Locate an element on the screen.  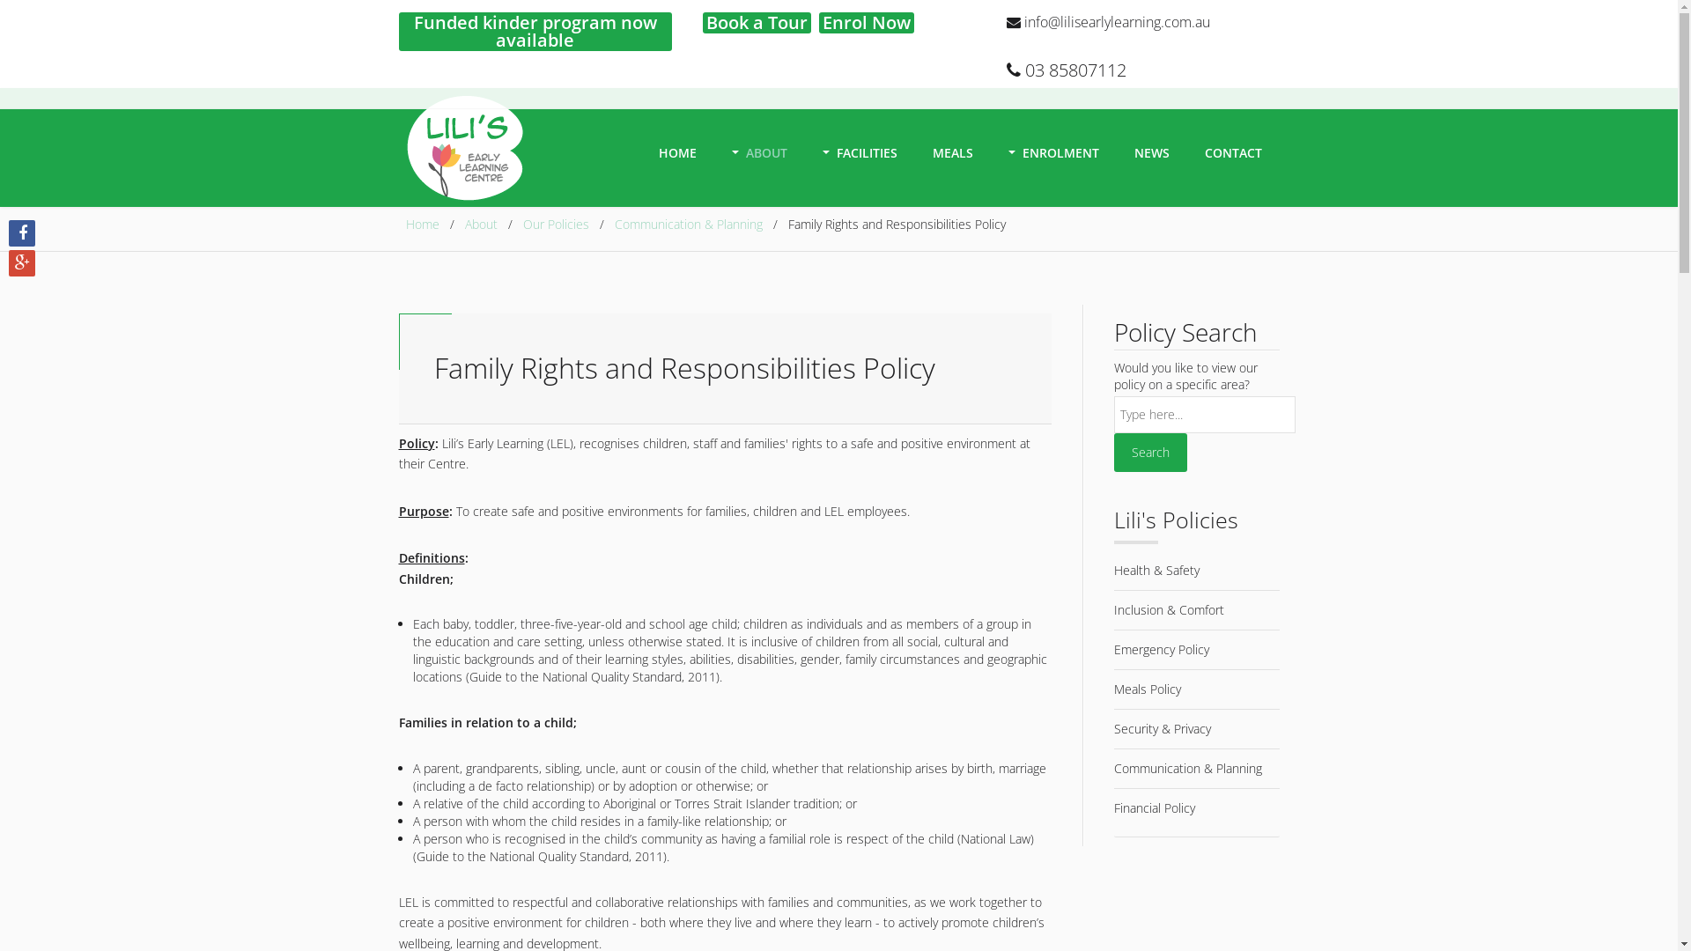
'Financial Policy' is located at coordinates (1154, 807).